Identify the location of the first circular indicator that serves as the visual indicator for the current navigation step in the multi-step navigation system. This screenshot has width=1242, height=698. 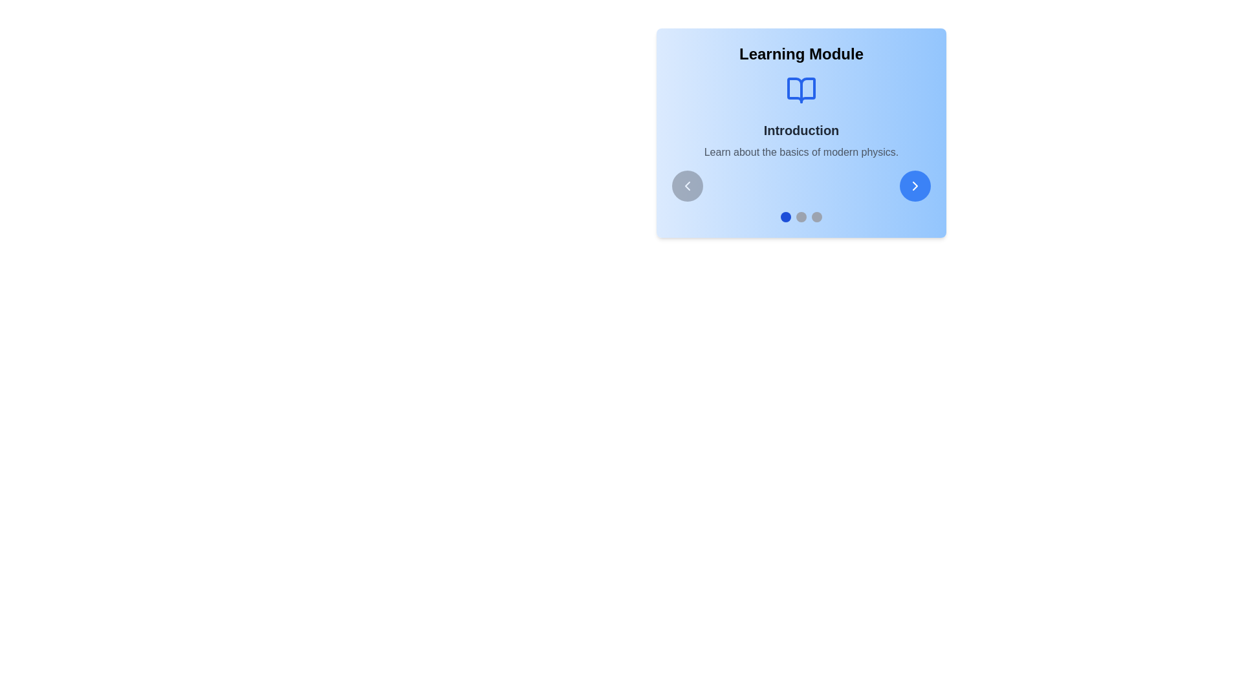
(785, 216).